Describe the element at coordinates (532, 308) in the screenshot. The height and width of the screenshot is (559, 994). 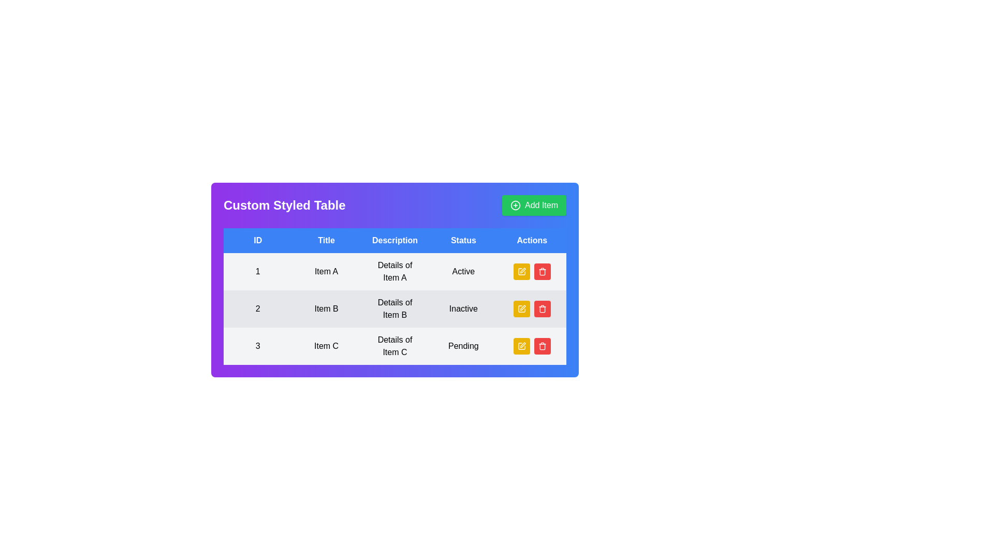
I see `the second button in the 'Actions' column of the row representing item B in the table to observe hover effects` at that location.